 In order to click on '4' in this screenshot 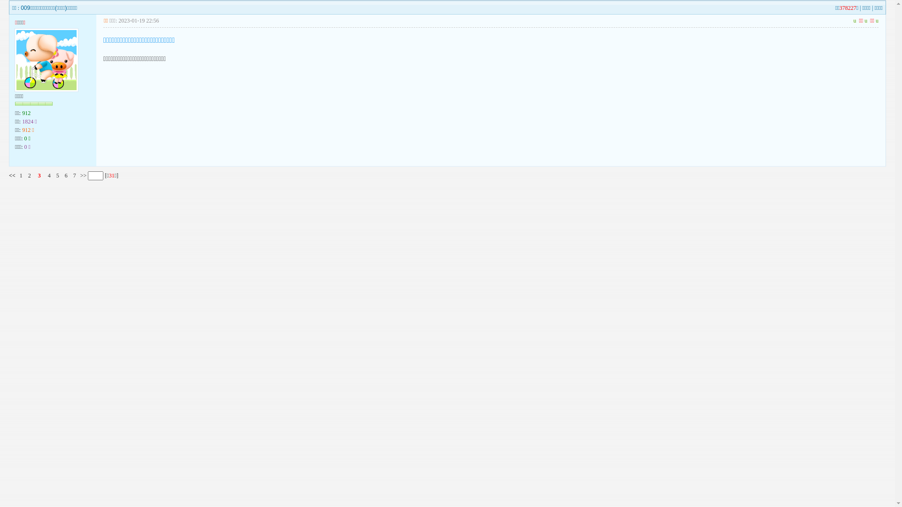, I will do `click(49, 176)`.